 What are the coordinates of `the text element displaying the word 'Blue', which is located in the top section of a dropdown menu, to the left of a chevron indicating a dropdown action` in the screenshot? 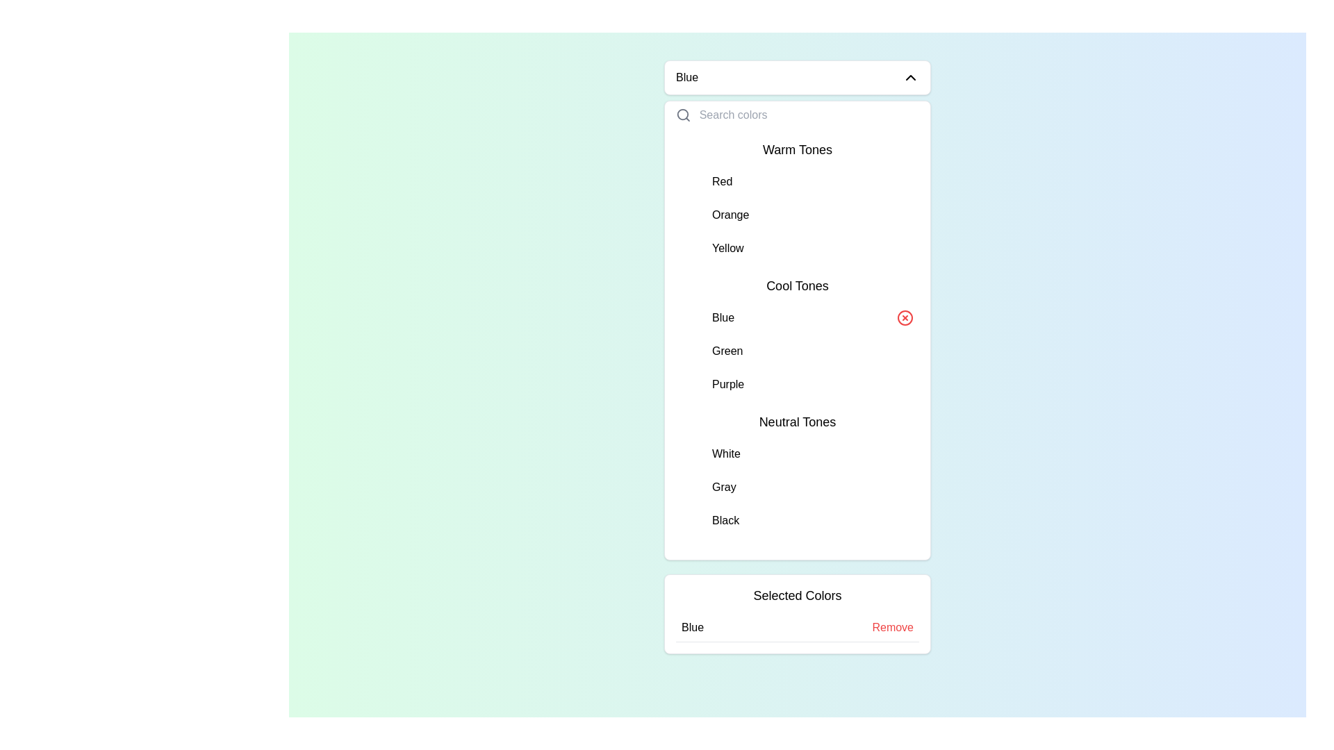 It's located at (686, 77).